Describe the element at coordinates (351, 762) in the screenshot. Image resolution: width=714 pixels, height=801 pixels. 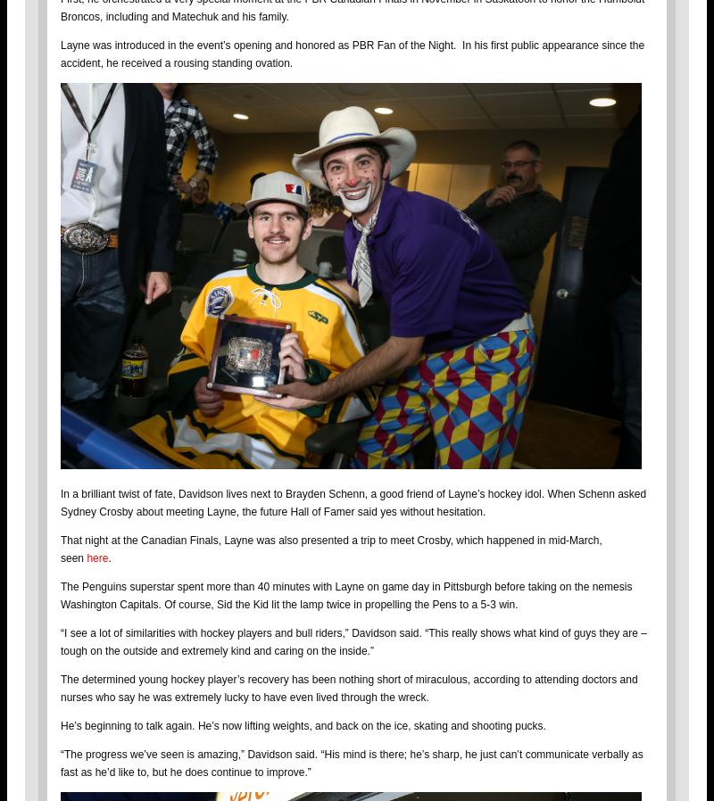
I see `'“The progress we’ve seen is amazing,” Davidson said. “His mind is there; he’s sharp, he just can’t communicate verbally as fast as he’d like to, but he does continue to improve.”'` at that location.